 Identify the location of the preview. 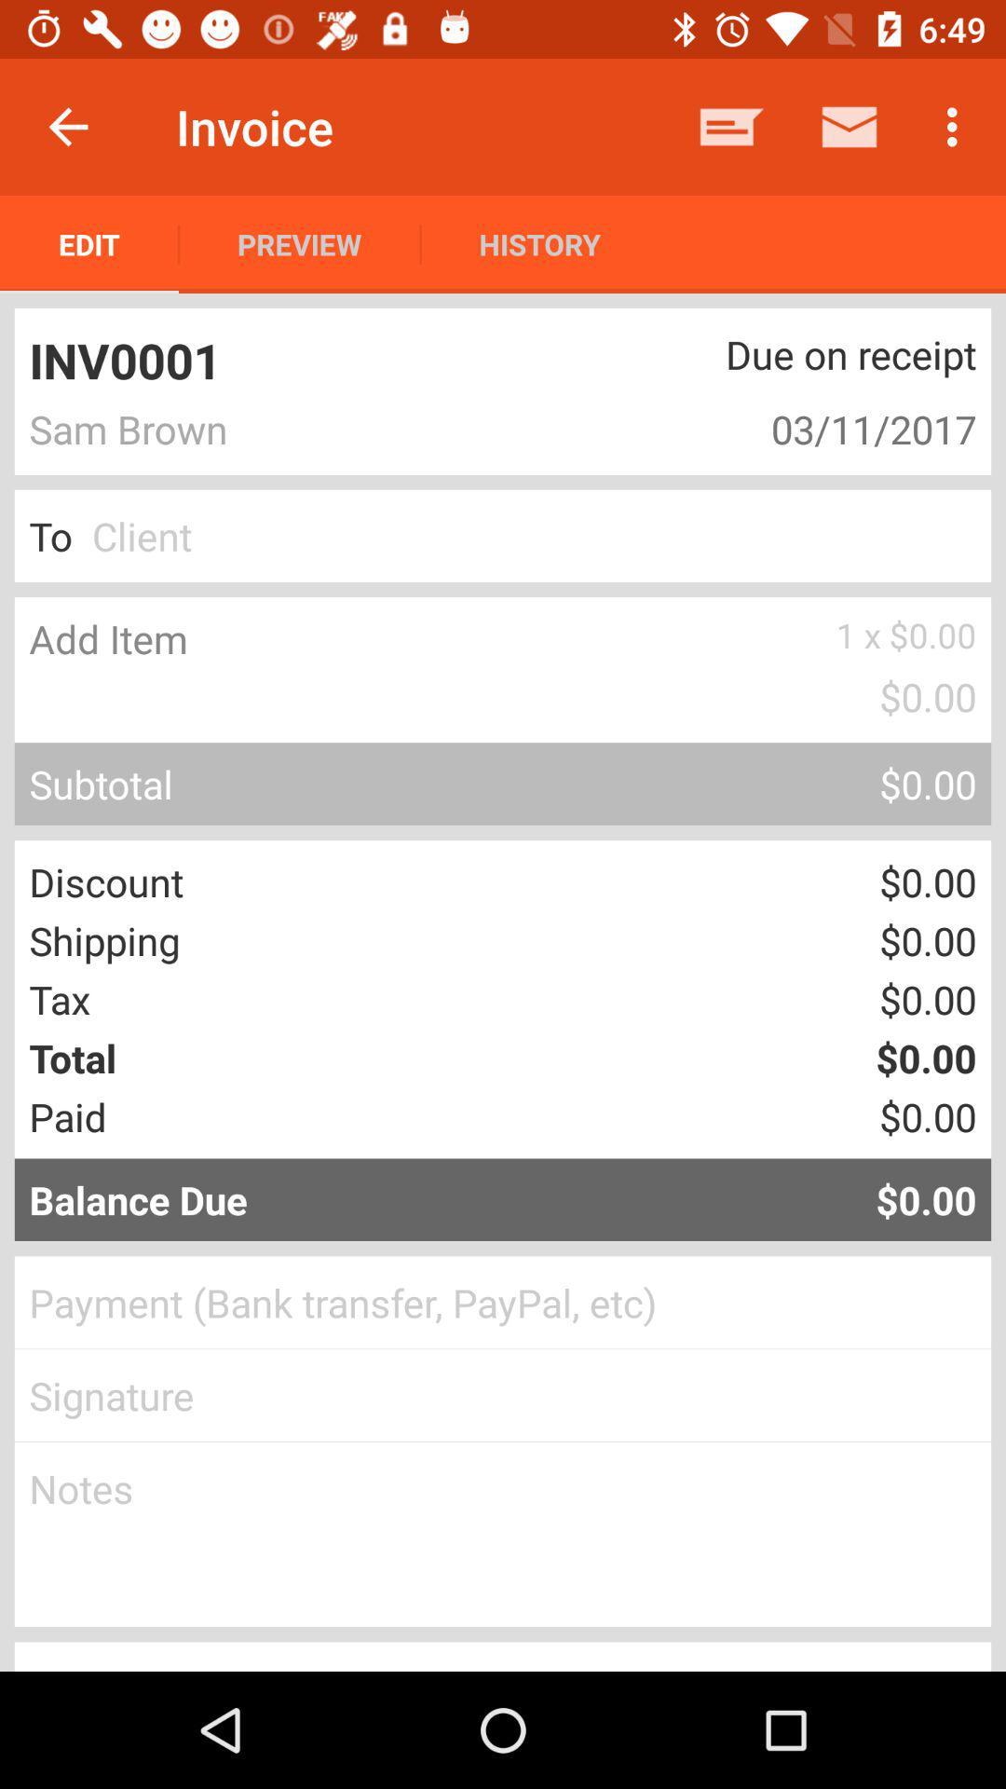
(298, 243).